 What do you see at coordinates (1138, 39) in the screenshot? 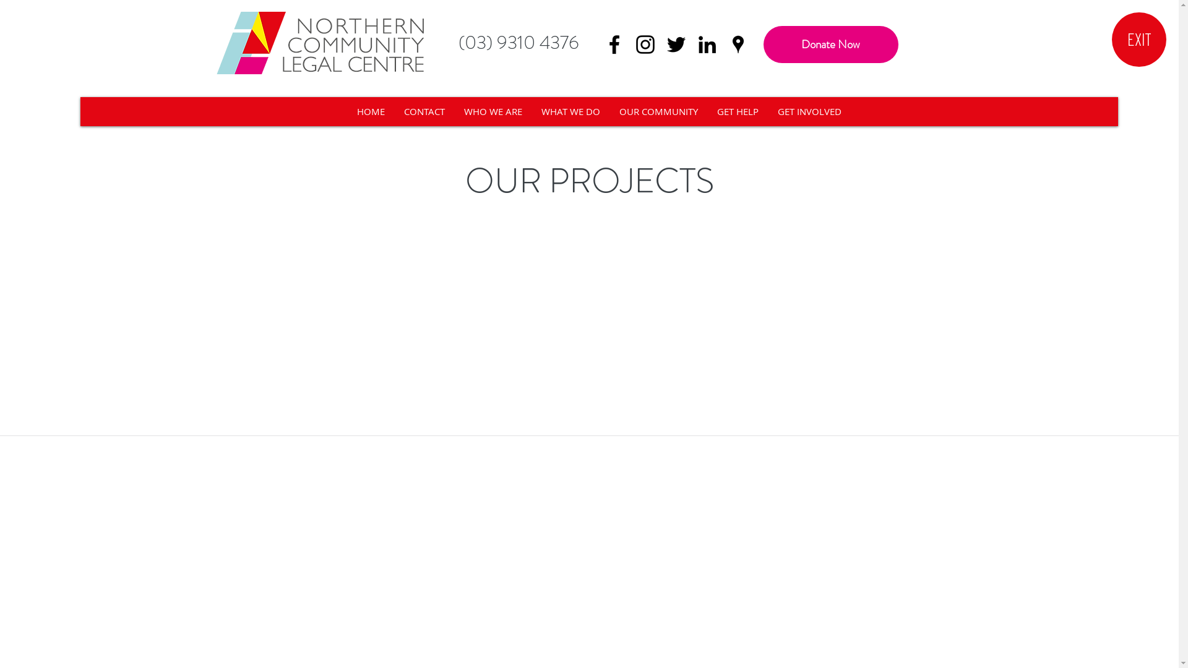
I see `'EXIT'` at bounding box center [1138, 39].